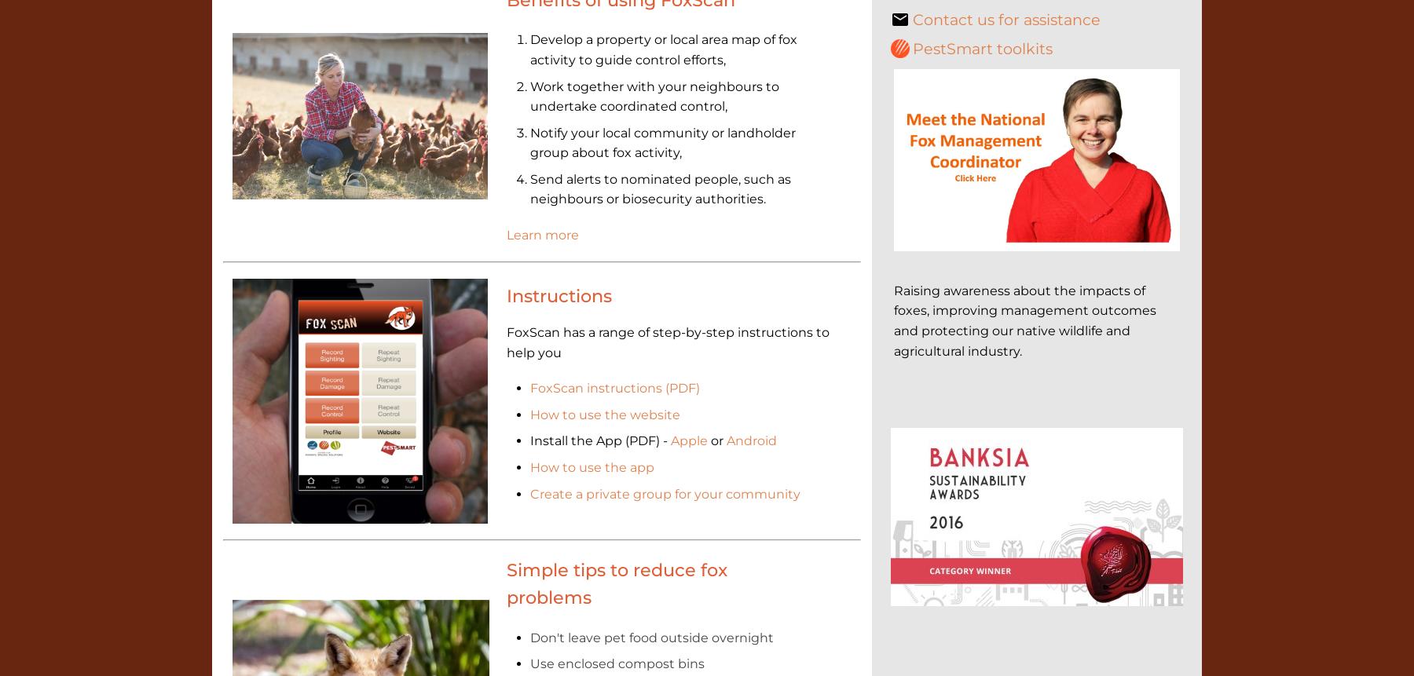 The height and width of the screenshot is (676, 1414). What do you see at coordinates (590, 466) in the screenshot?
I see `'How to use the app'` at bounding box center [590, 466].